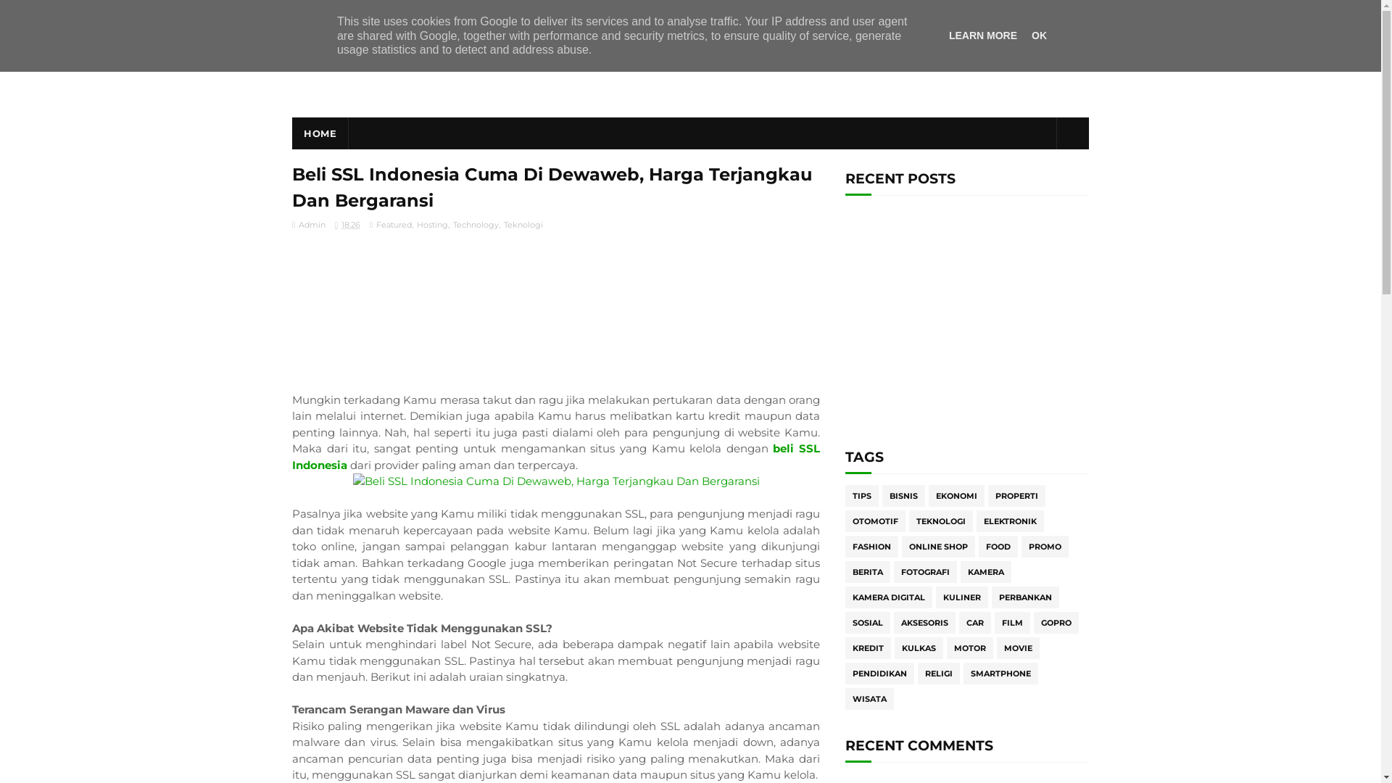 The image size is (1392, 783). I want to click on 'FILM', so click(1011, 622).